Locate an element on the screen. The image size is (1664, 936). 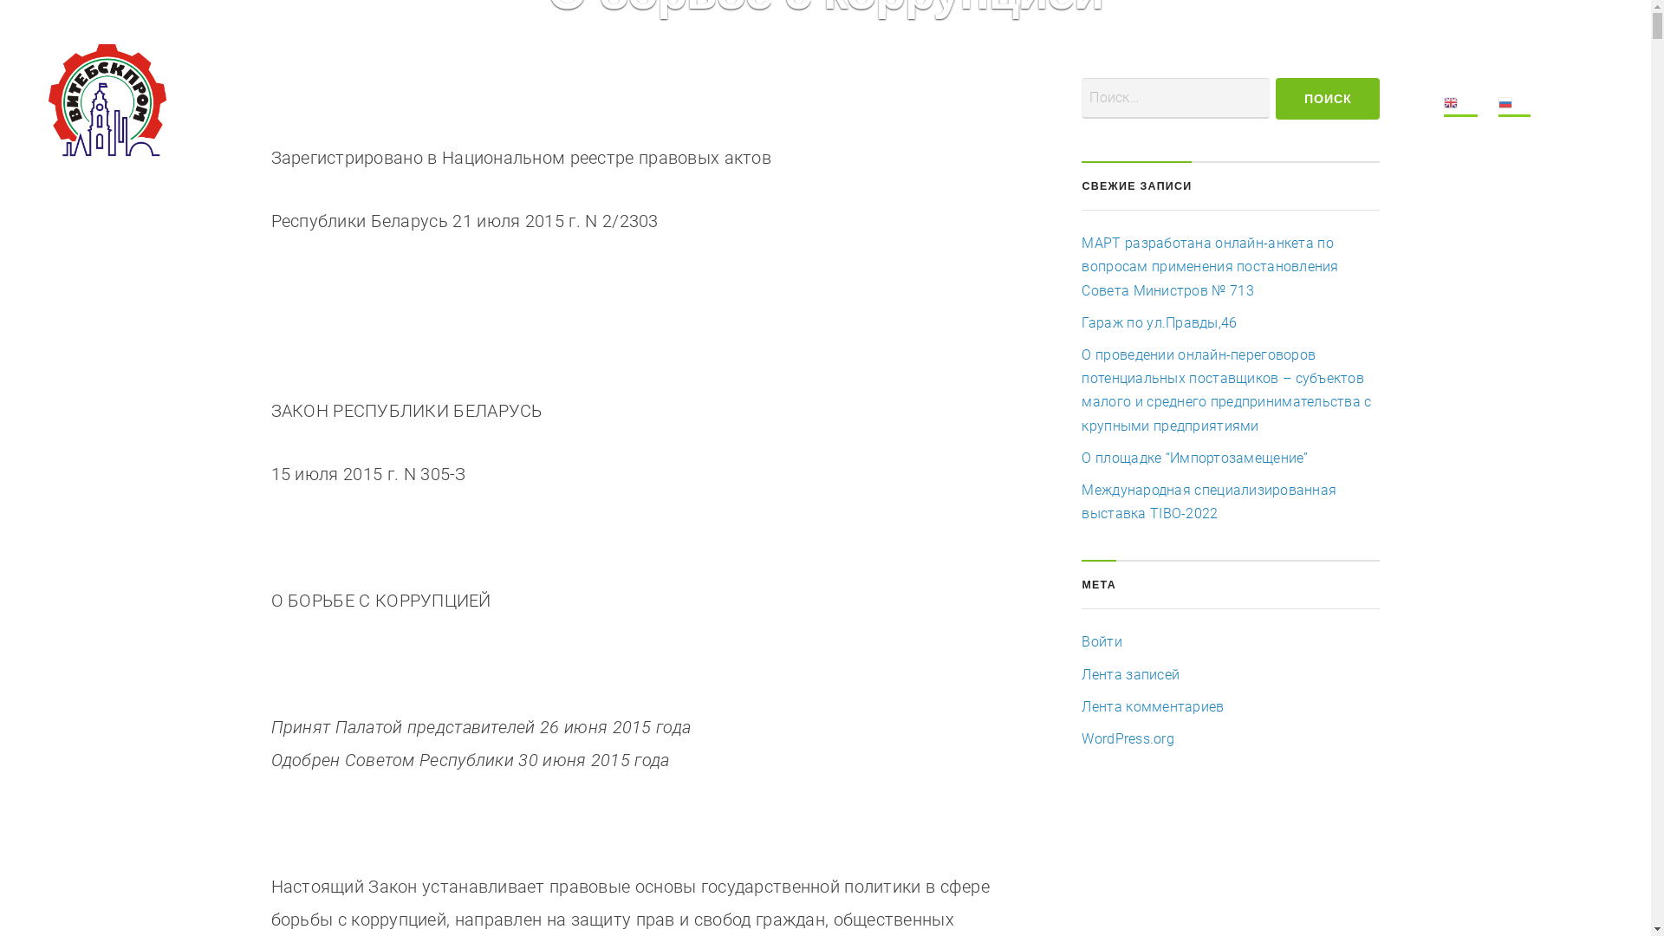
'RU' is located at coordinates (1513, 106).